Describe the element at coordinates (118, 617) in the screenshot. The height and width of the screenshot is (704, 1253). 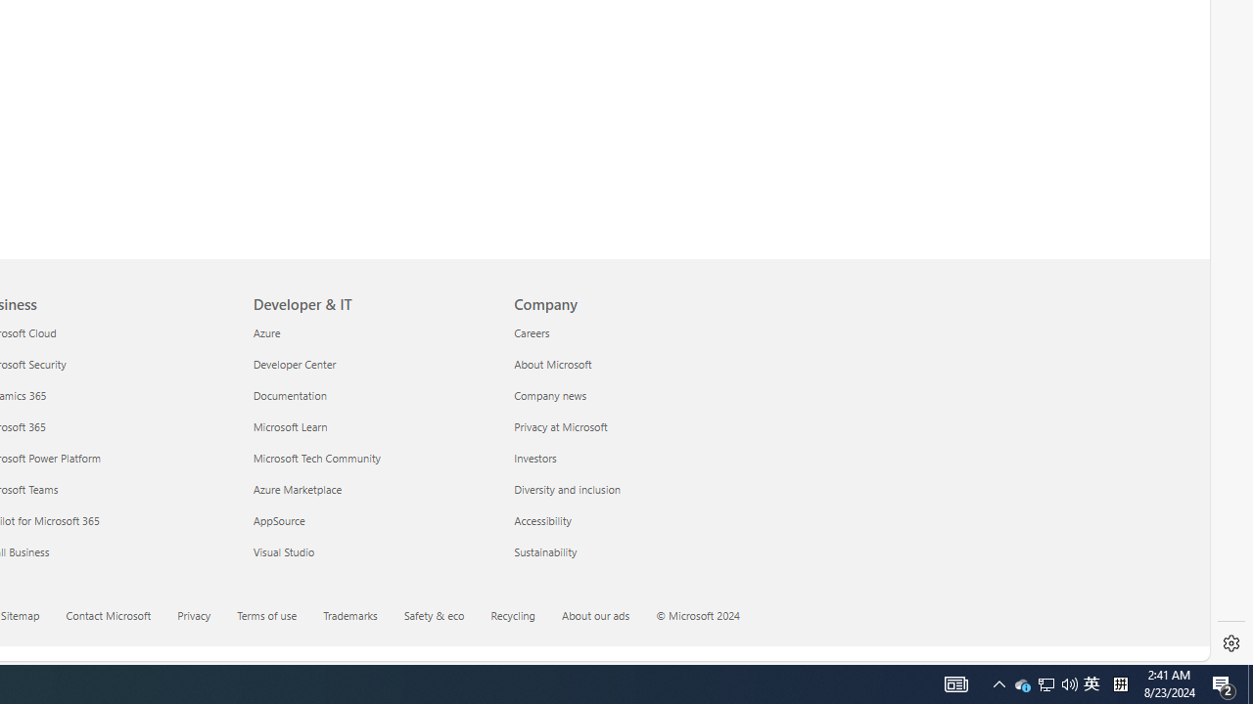
I see `'Contact Microsoft'` at that location.